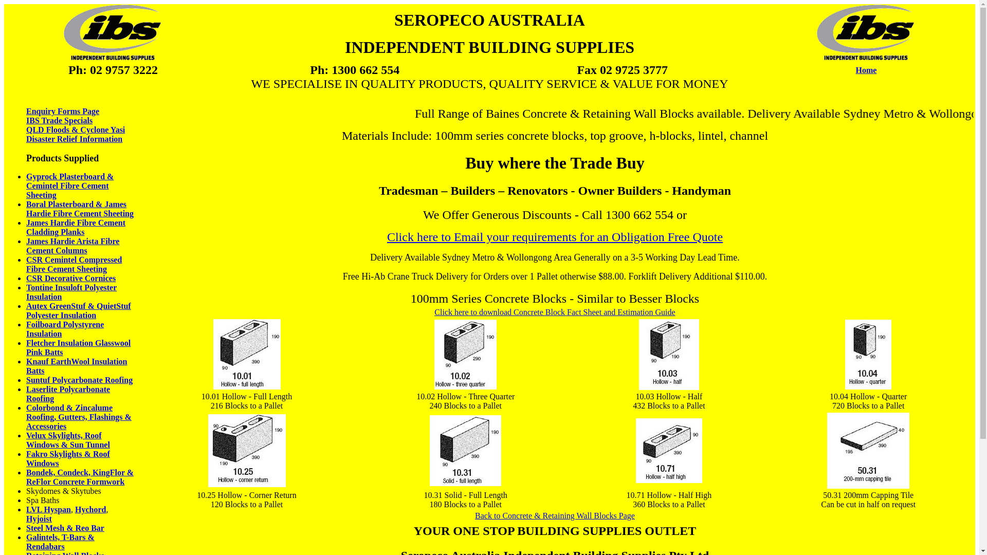 Image resolution: width=987 pixels, height=555 pixels. Describe the element at coordinates (26, 541) in the screenshot. I see `'Galintels, T-Bars & Rendabars'` at that location.